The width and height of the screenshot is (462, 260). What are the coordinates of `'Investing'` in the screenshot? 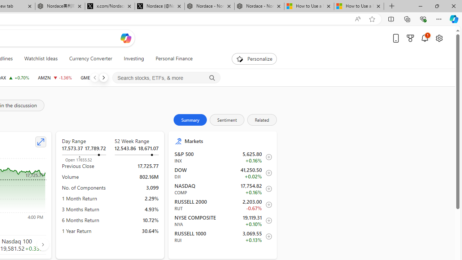 It's located at (134, 58).